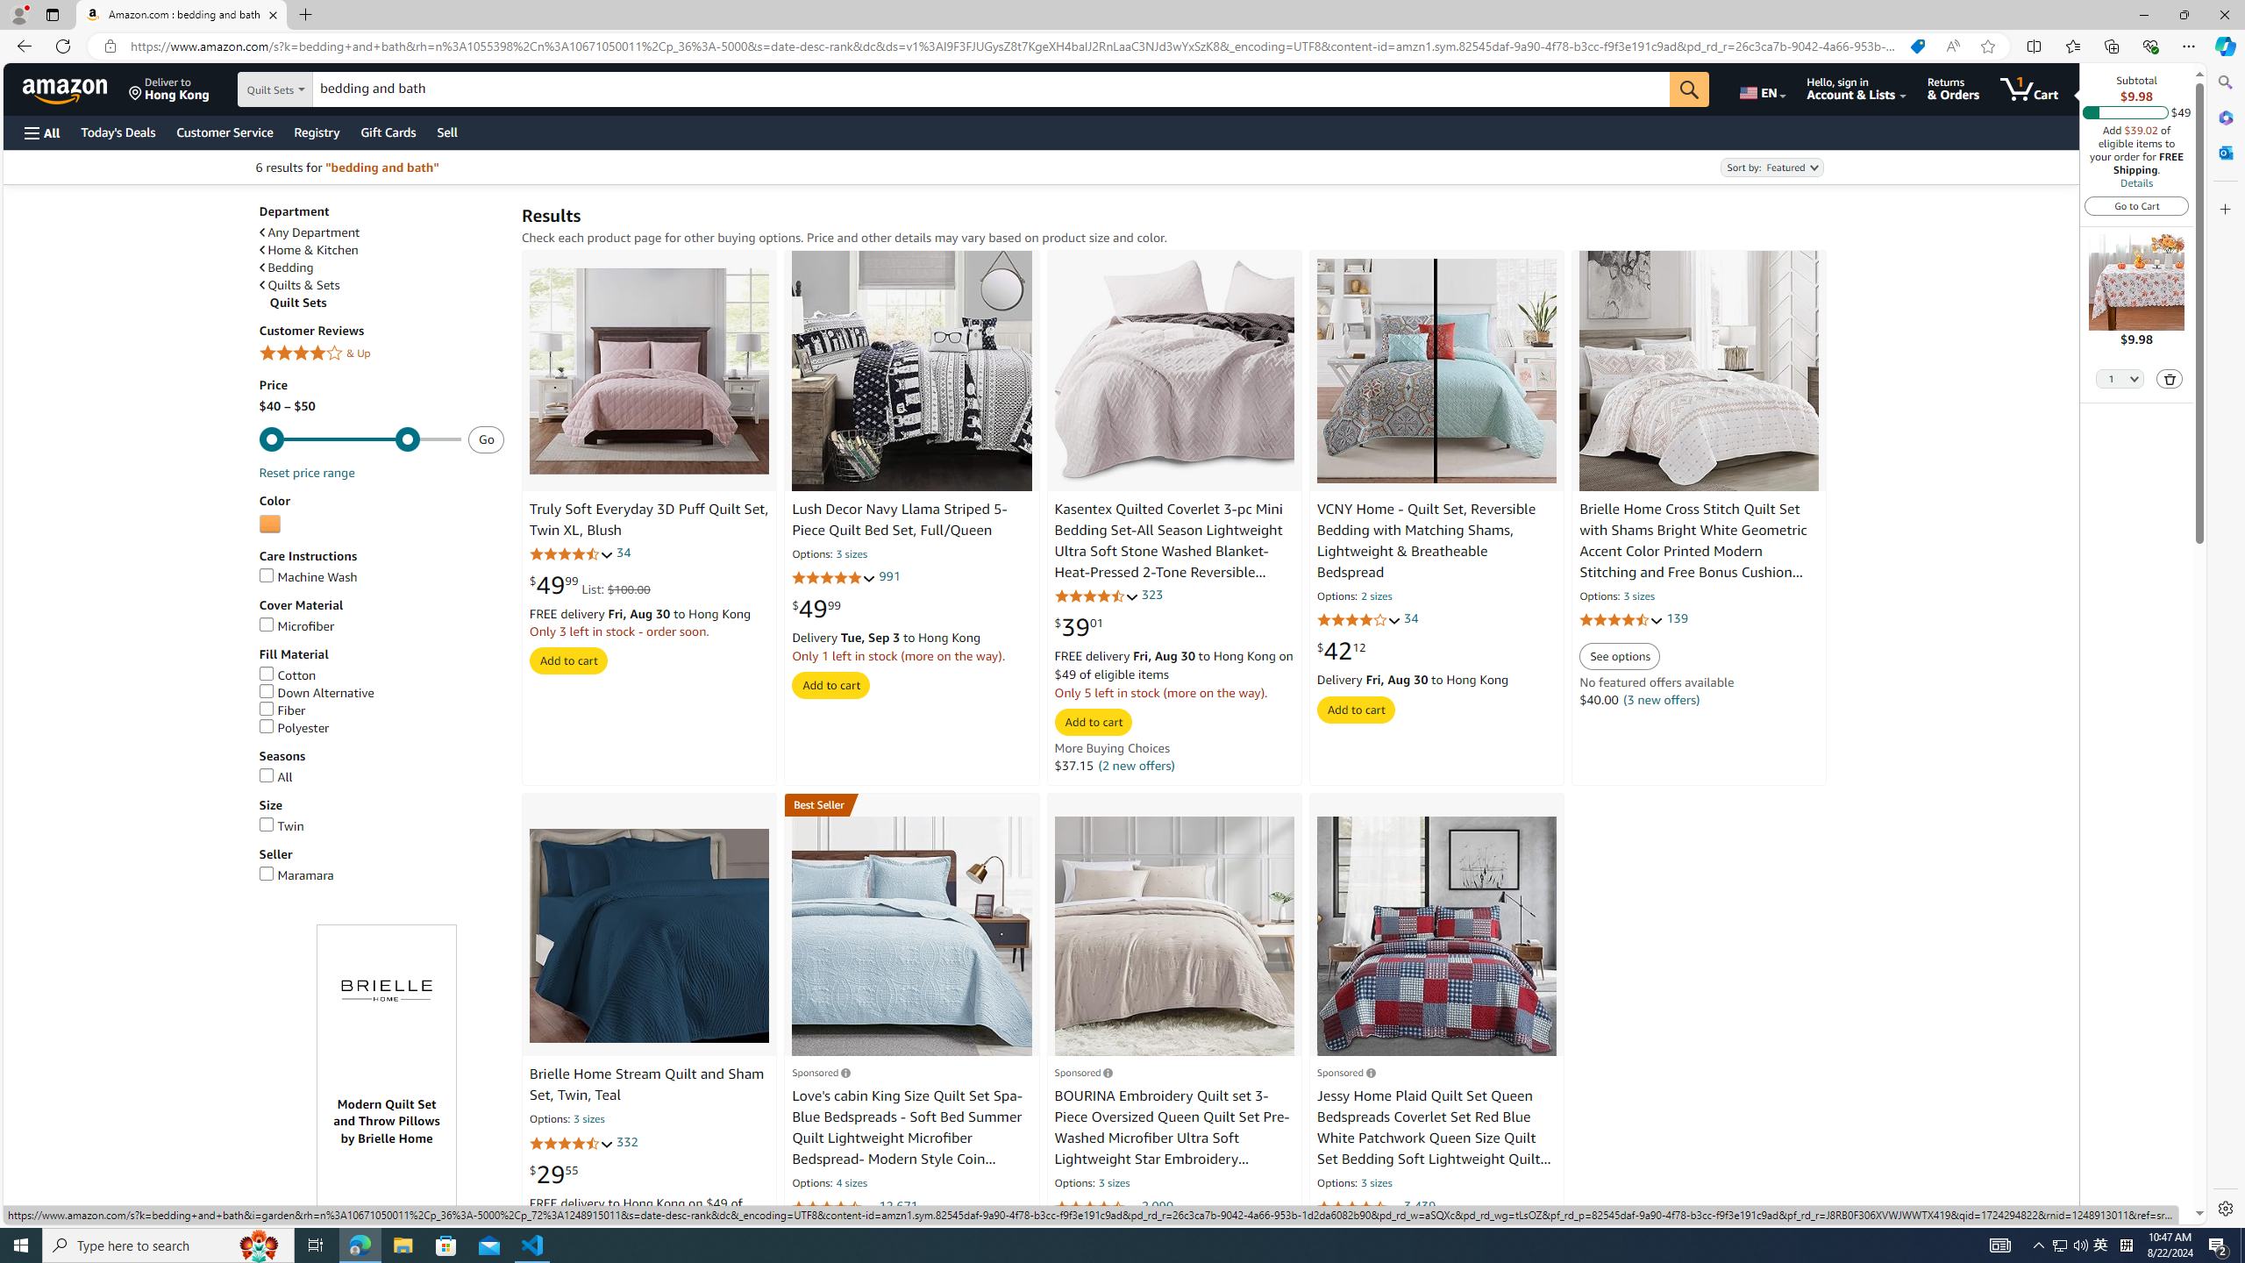  What do you see at coordinates (308, 249) in the screenshot?
I see `'Home & Kitchen'` at bounding box center [308, 249].